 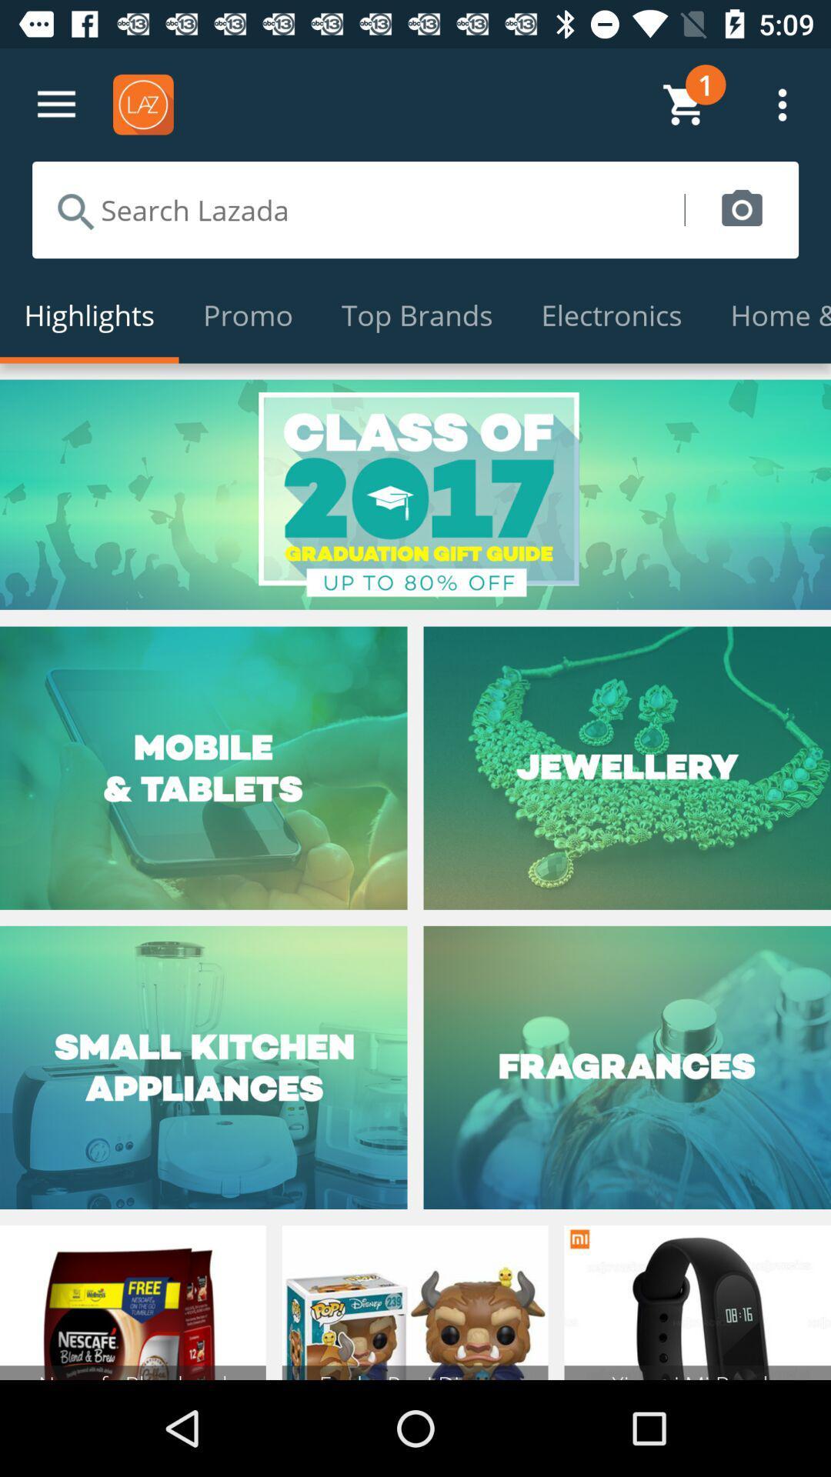 I want to click on search bar, so click(x=358, y=209).